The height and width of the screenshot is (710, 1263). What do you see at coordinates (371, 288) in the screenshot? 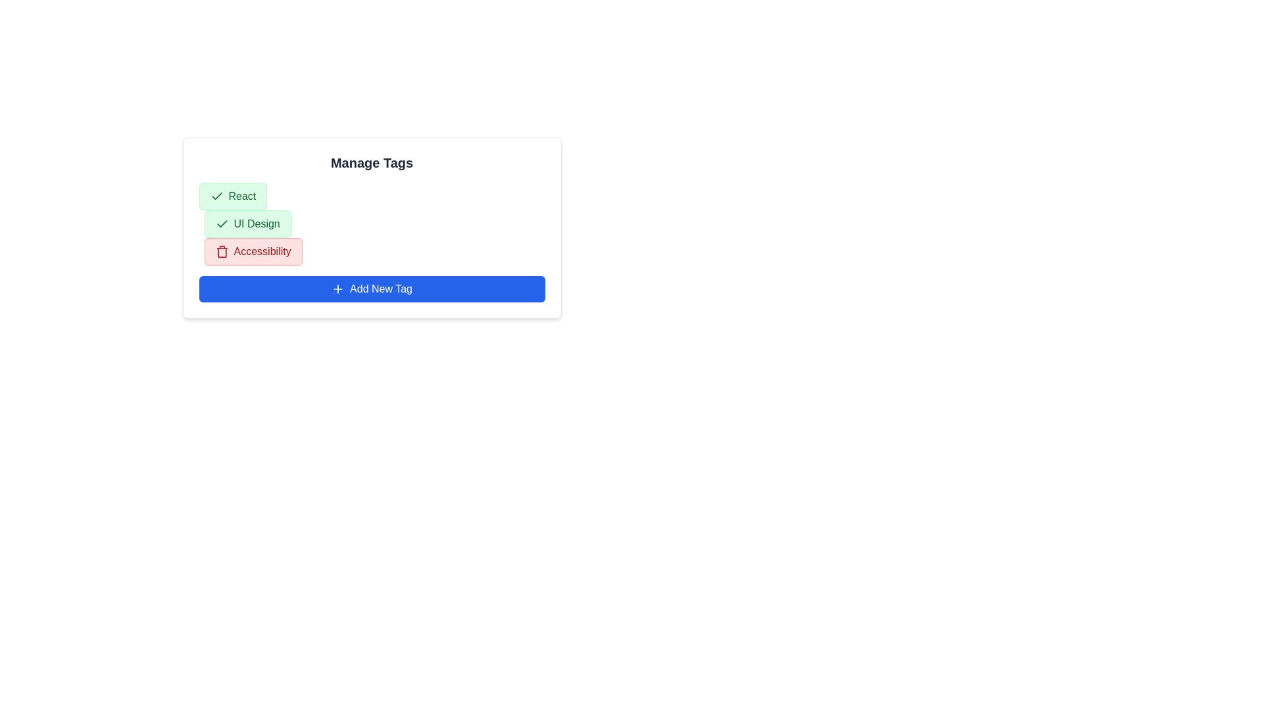
I see `the rectangular button with a blue background and white text reading 'Add New Tag'` at bounding box center [371, 288].